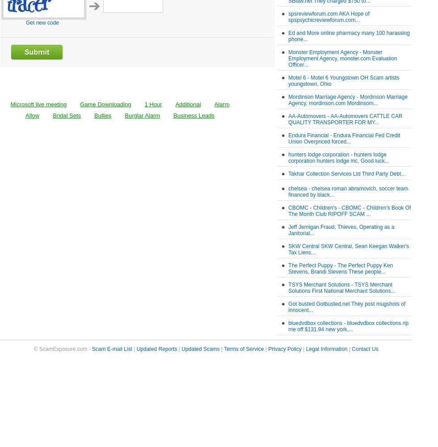  I want to click on 'CBOMC - Children's -  CBOMC - Children's Book Of The Month Club RIPOFF SCAM ...', so click(288, 211).